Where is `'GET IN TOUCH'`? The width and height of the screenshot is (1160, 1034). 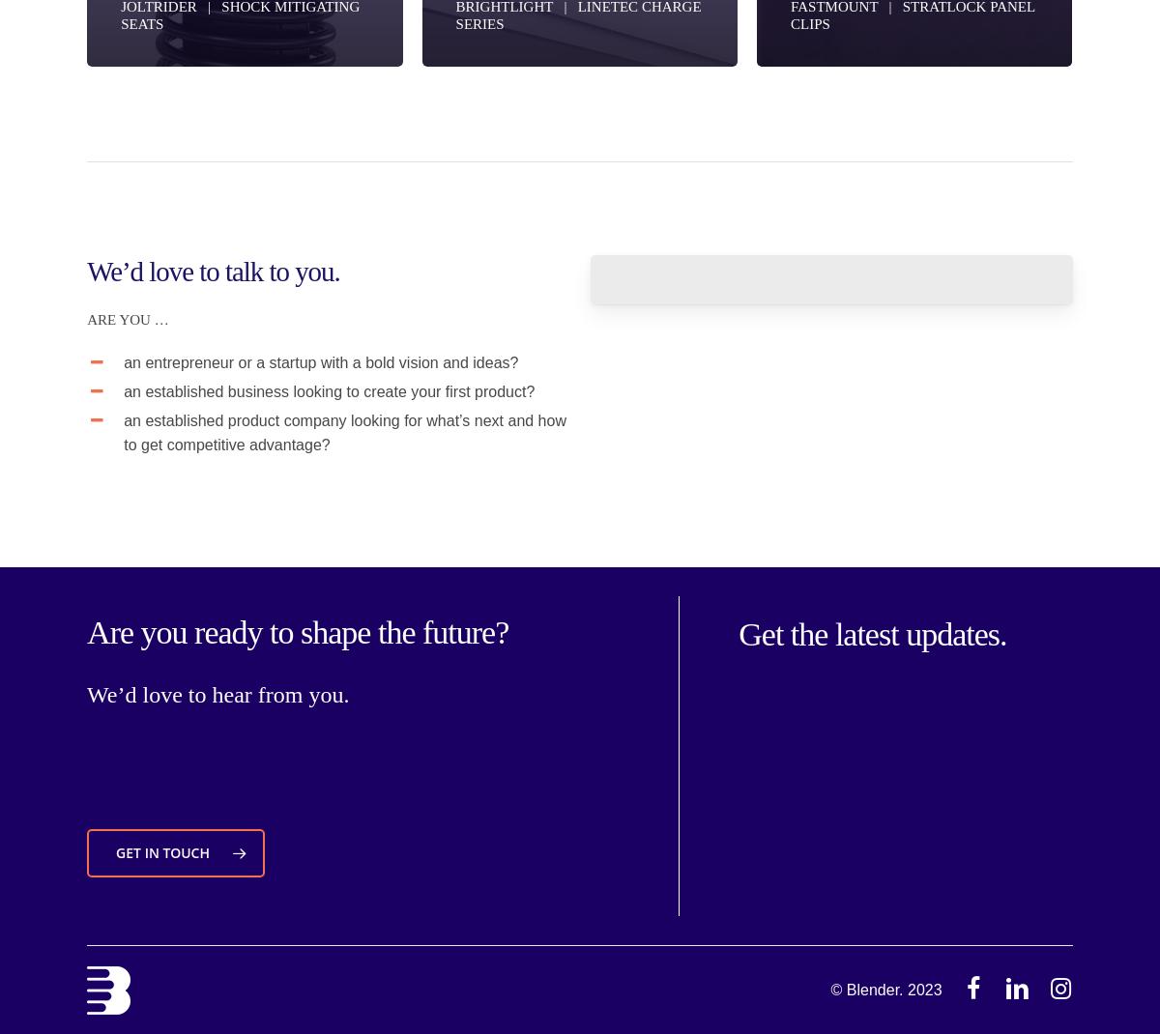 'GET IN TOUCH' is located at coordinates (161, 852).